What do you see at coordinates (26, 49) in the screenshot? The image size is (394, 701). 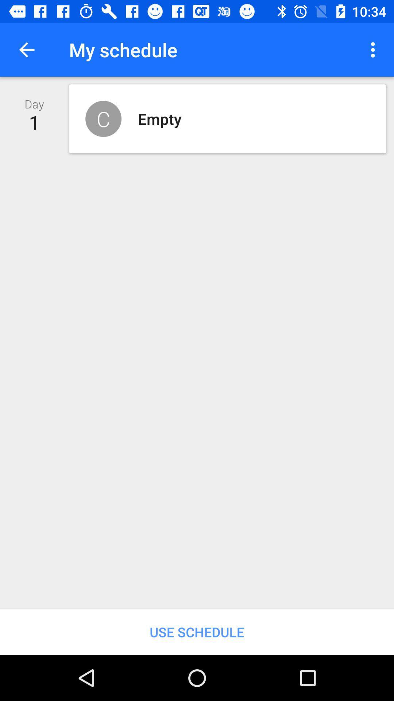 I see `the item next to the my schedule icon` at bounding box center [26, 49].